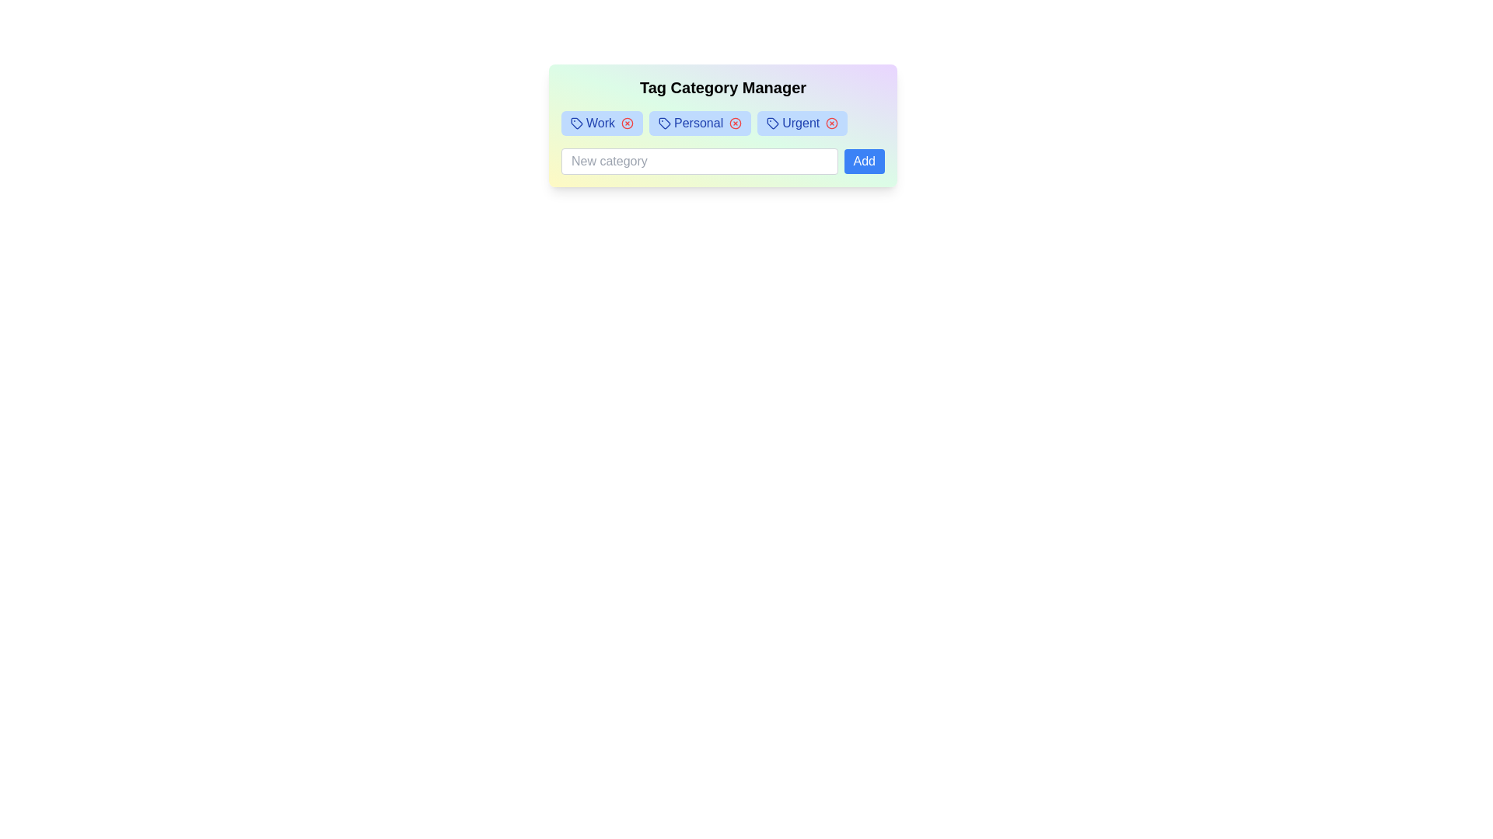  Describe the element at coordinates (664, 122) in the screenshot. I see `the 'Personal' category SVG icon, which visually represents the personal category within the Tag Category Manager component` at that location.